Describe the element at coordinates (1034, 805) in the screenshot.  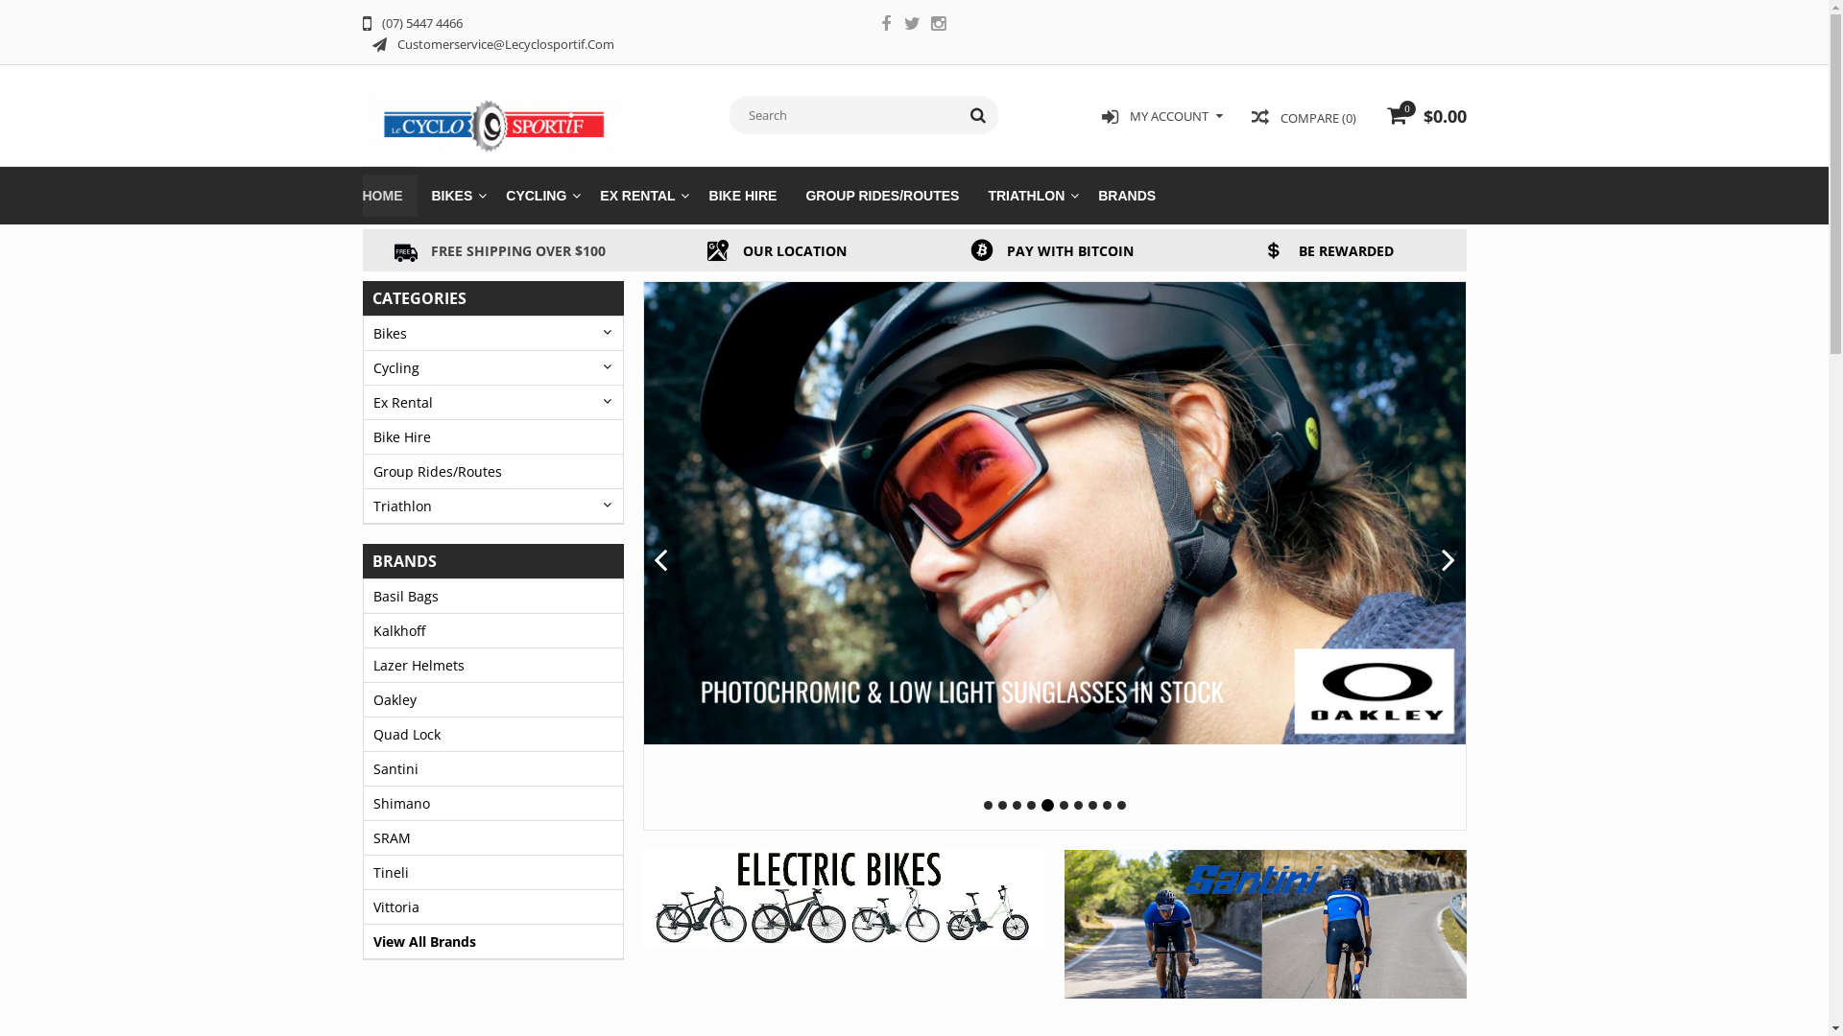
I see `'4'` at that location.